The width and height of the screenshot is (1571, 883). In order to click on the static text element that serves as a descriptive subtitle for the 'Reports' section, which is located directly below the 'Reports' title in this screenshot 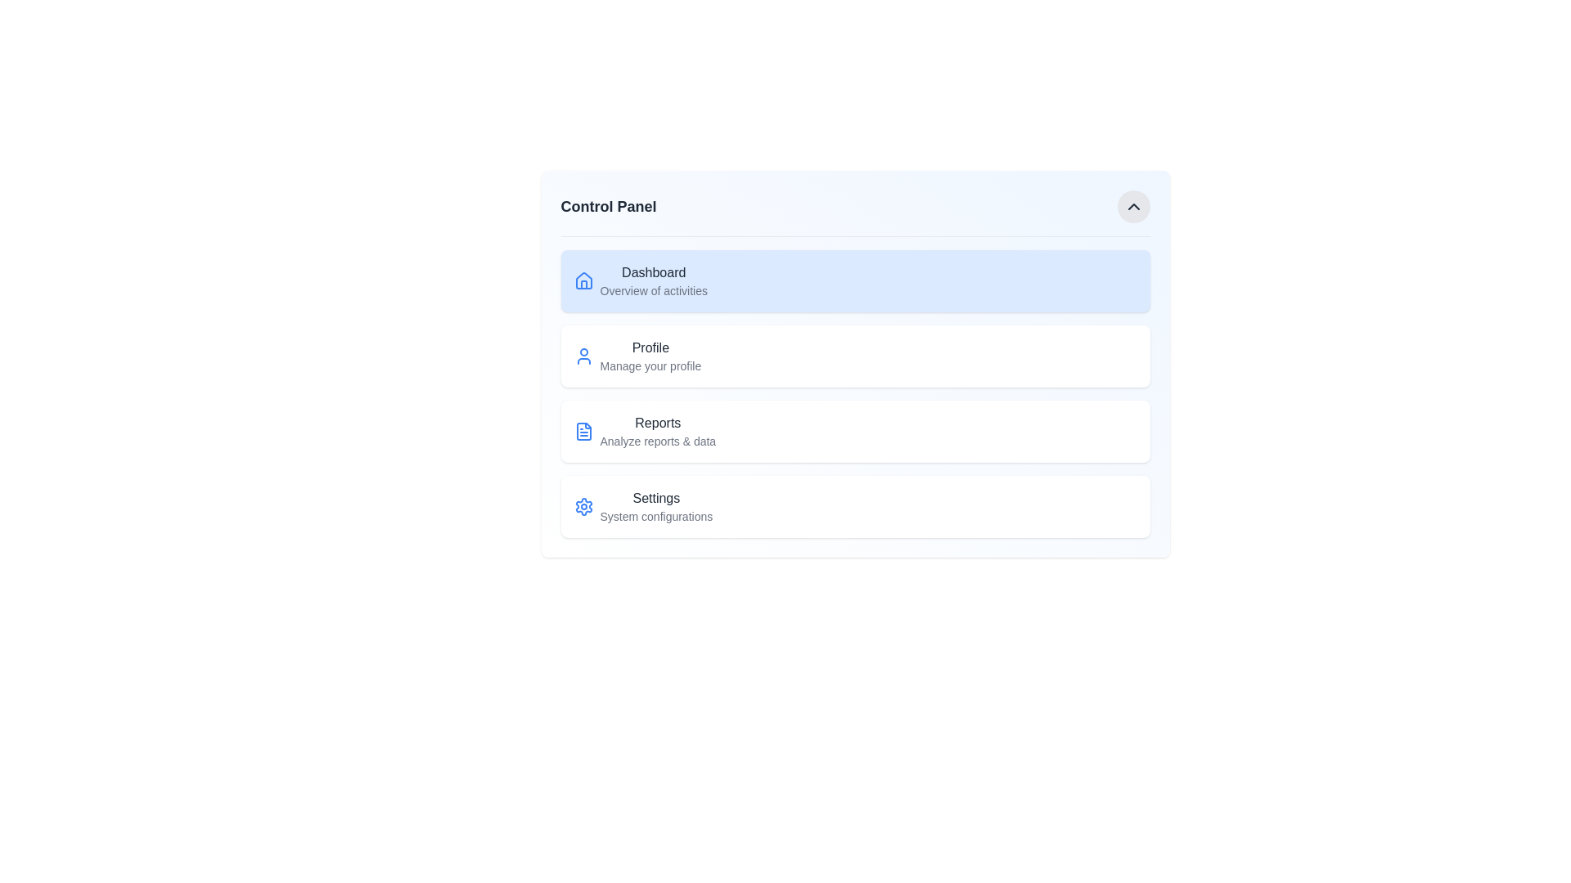, I will do `click(658, 441)`.